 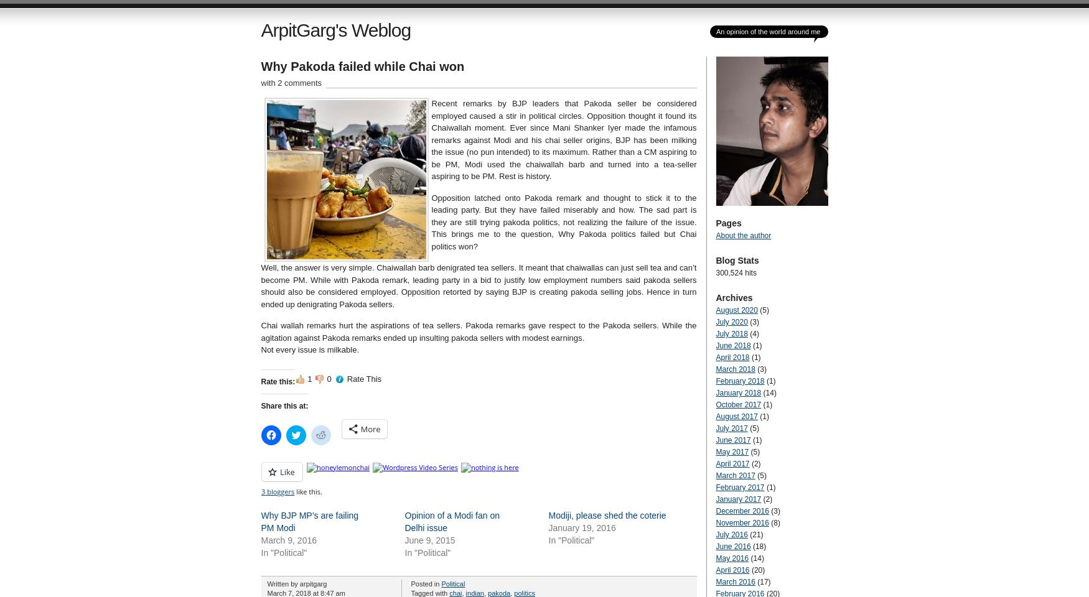 What do you see at coordinates (731, 333) in the screenshot?
I see `'July 2018'` at bounding box center [731, 333].